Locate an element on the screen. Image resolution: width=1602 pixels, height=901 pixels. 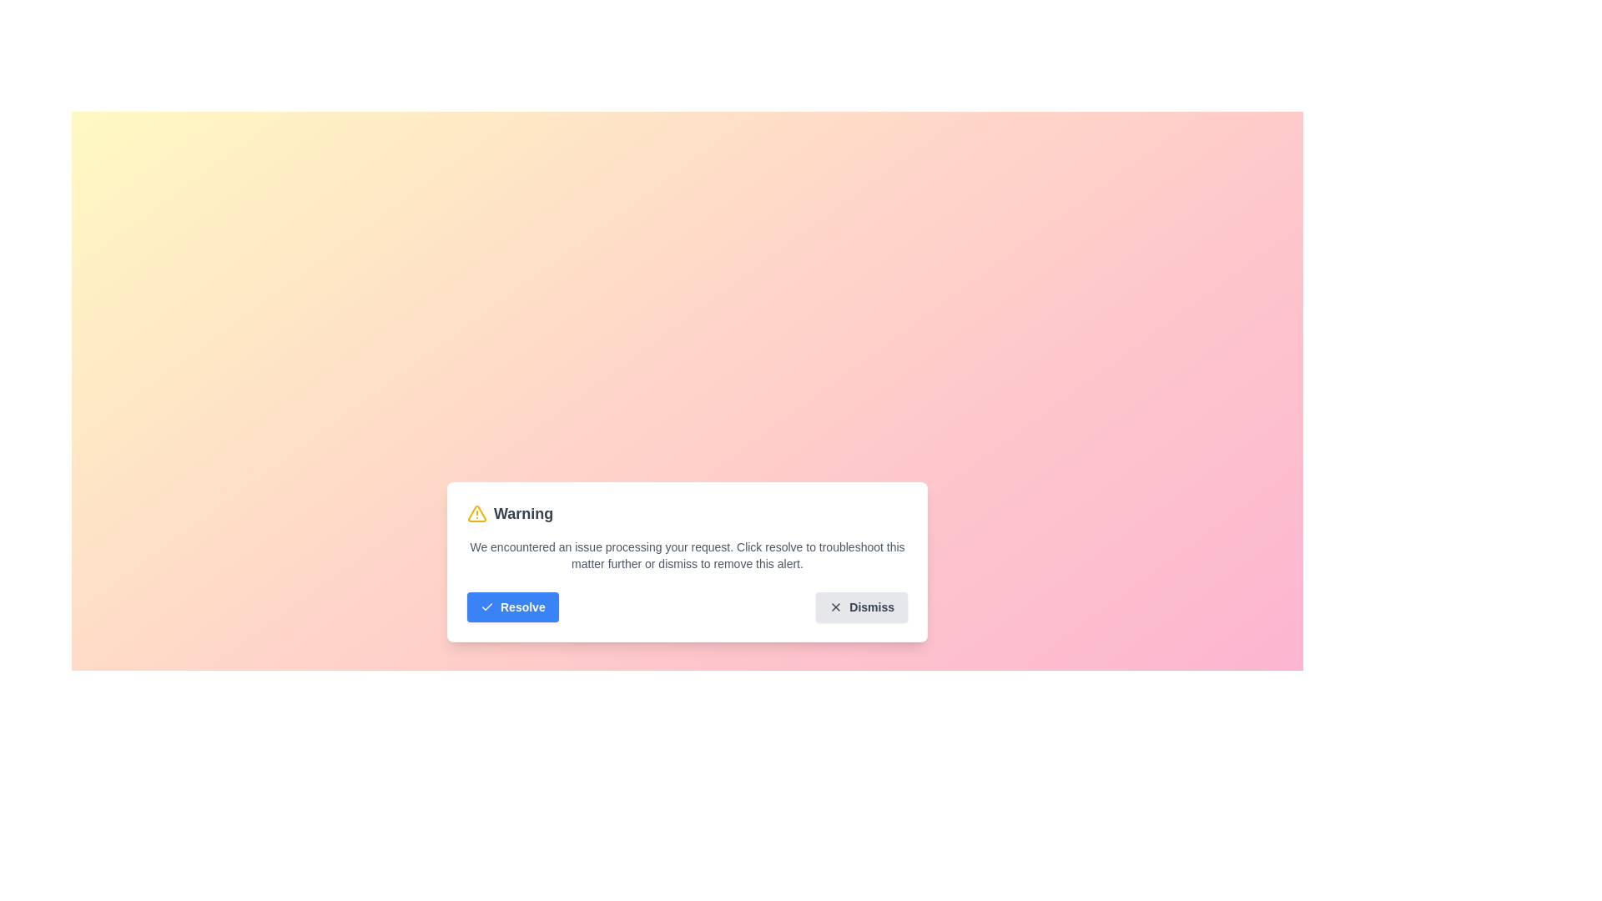
the checkmark icon, which is styled as an outlined drawing and located within the 'Resolve' button on the left side of the visible text is located at coordinates (486, 607).